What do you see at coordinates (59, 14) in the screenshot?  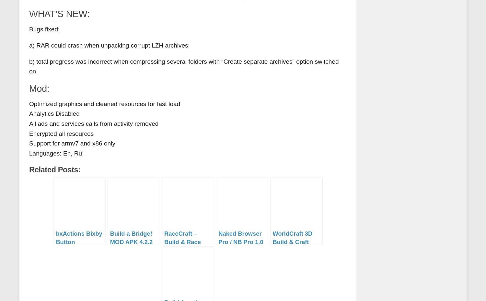 I see `'WHAT’S NEW:'` at bounding box center [59, 14].